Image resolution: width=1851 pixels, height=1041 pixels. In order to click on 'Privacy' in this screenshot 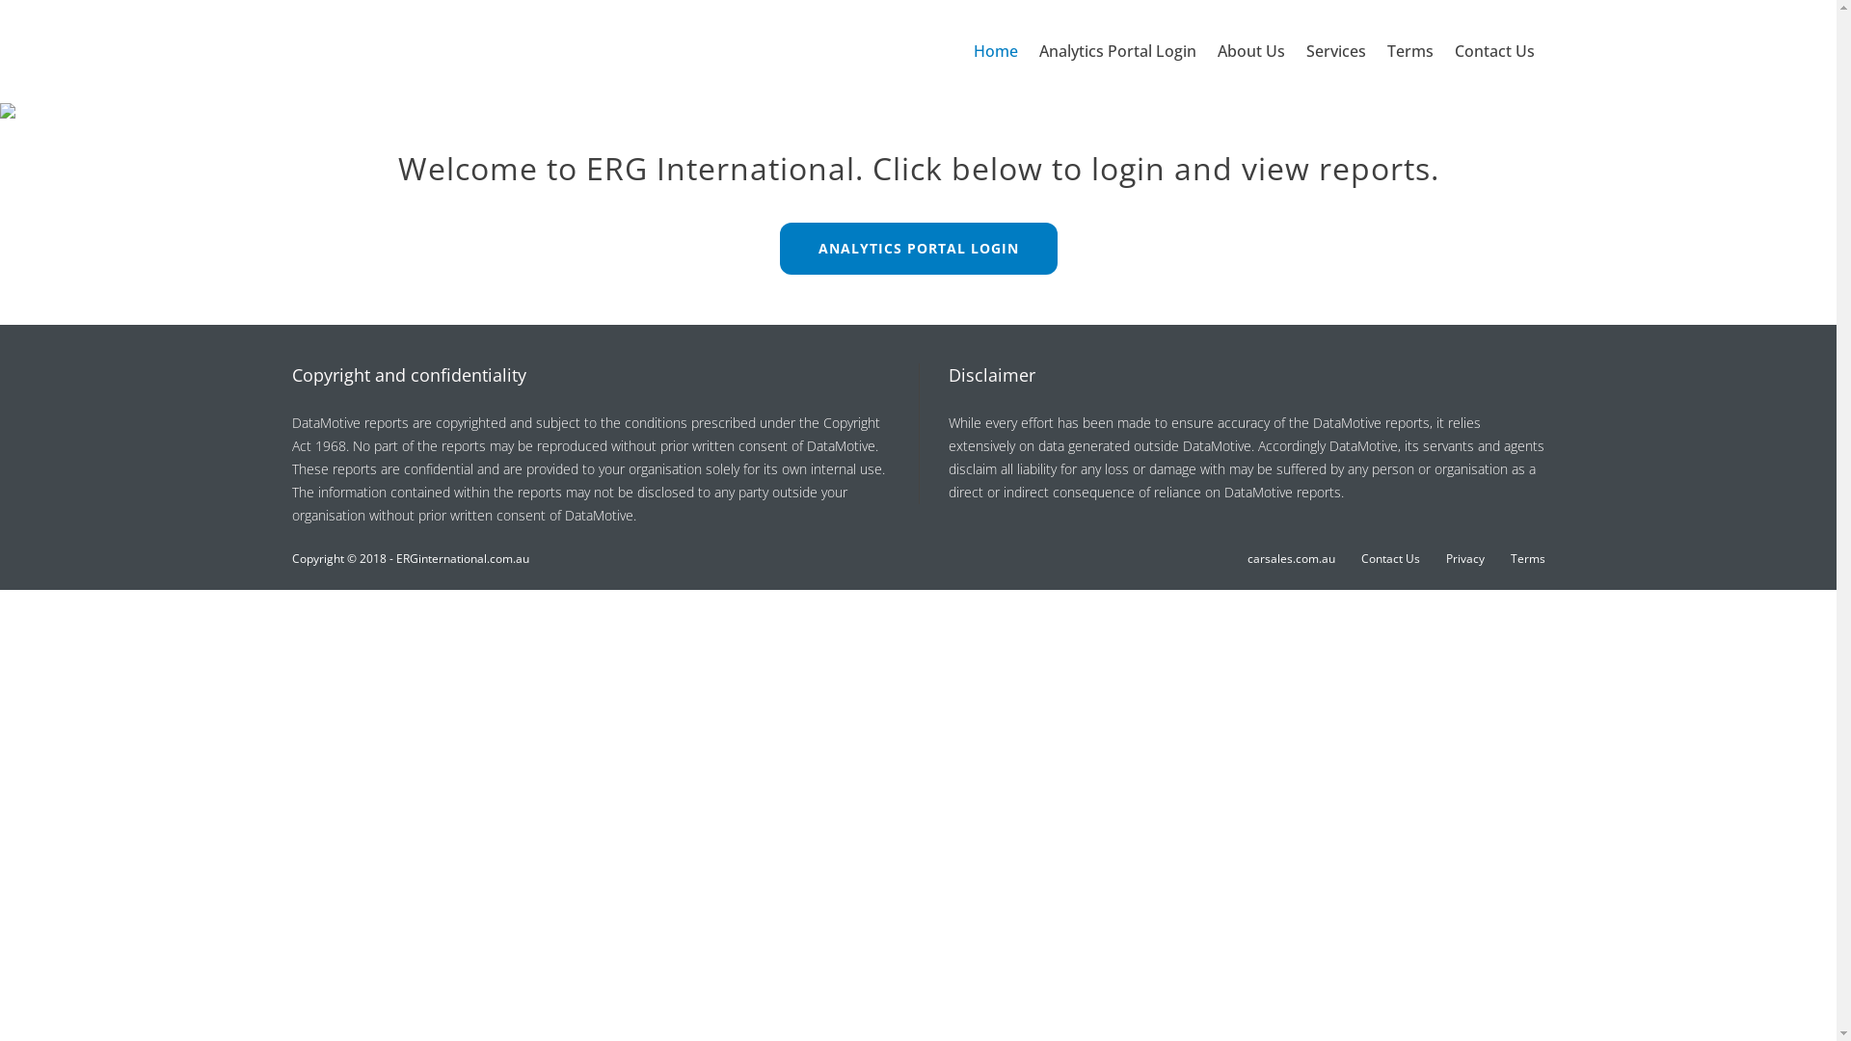, I will do `click(1465, 558)`.